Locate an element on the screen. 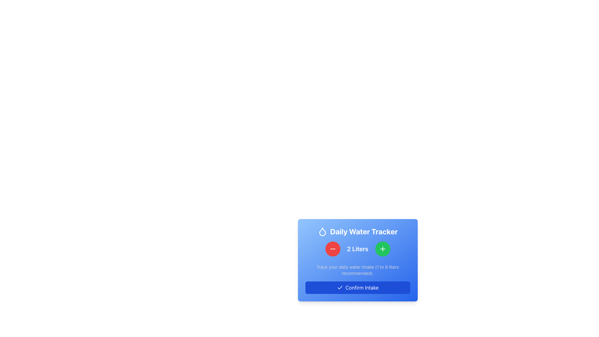  the green plus button with a white cross icon located to the right of the '2 Liters' text in the 'Daily Water Tracker' panel to trigger a tooltip or visual effect is located at coordinates (382, 249).